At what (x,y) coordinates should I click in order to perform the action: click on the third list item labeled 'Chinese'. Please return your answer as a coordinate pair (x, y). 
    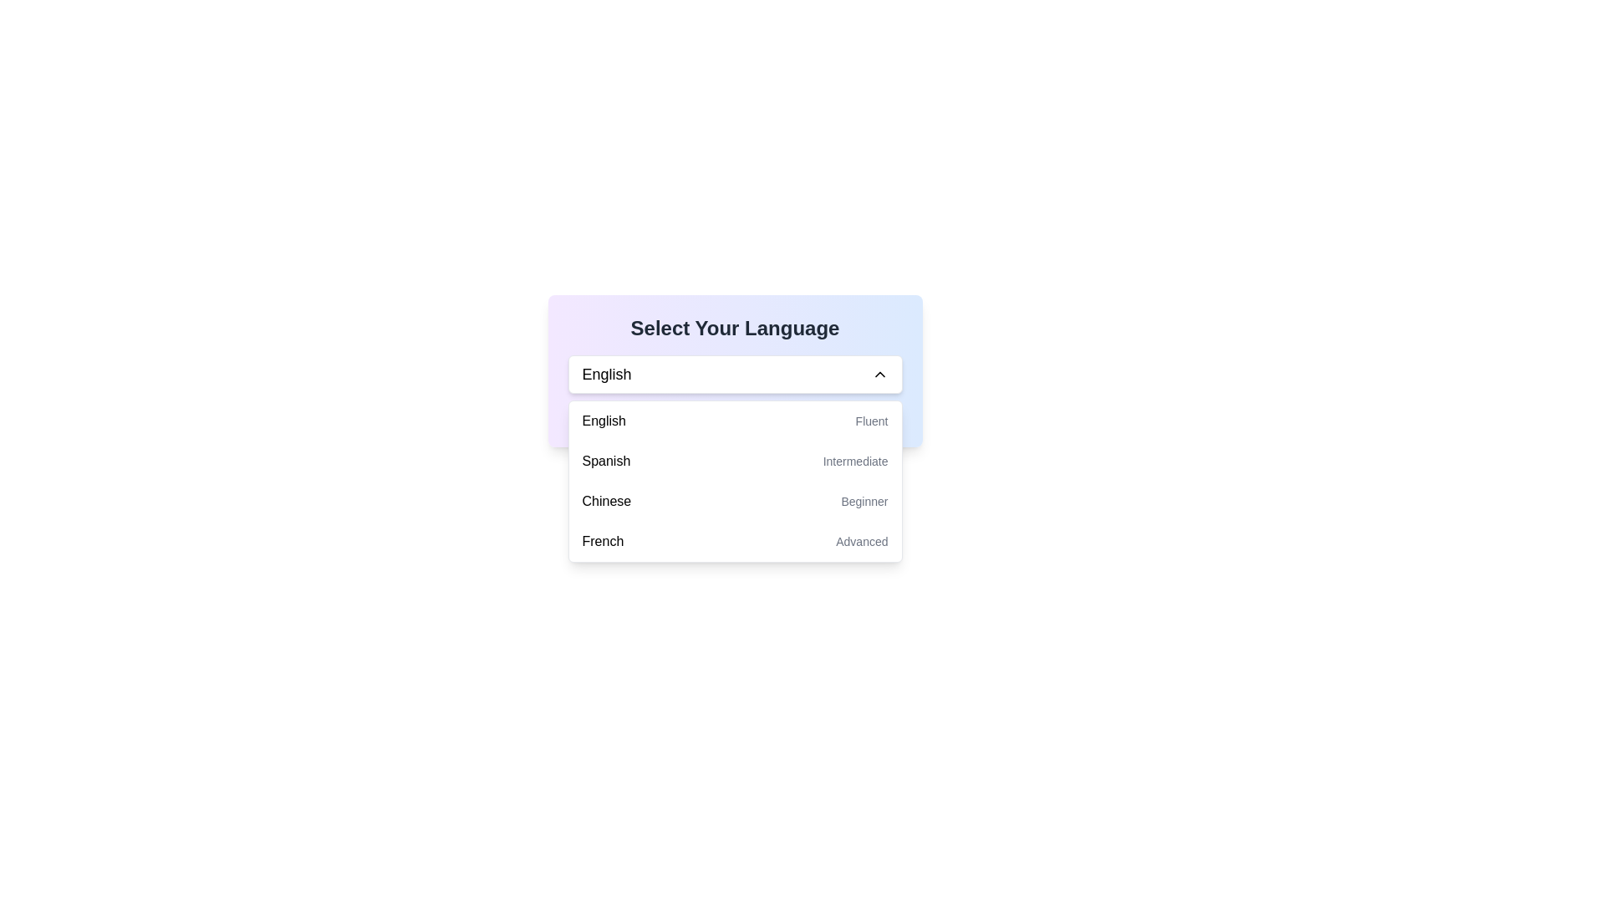
    Looking at the image, I should click on (735, 501).